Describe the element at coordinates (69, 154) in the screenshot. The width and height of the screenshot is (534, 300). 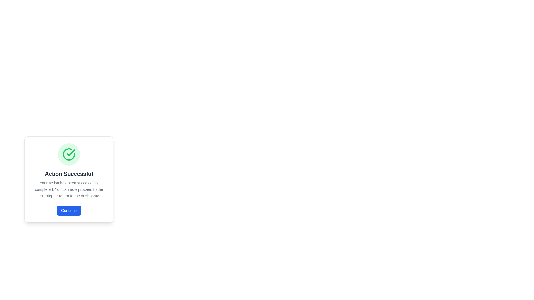
I see `the success confirmation icon located above the 'Action Successful' message in the center-top of the card component` at that location.